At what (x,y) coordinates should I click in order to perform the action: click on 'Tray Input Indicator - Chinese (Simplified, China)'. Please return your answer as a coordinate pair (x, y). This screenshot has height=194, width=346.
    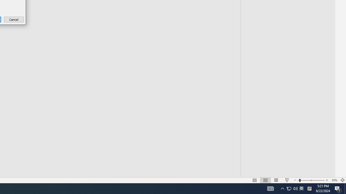
    Looking at the image, I should click on (309, 188).